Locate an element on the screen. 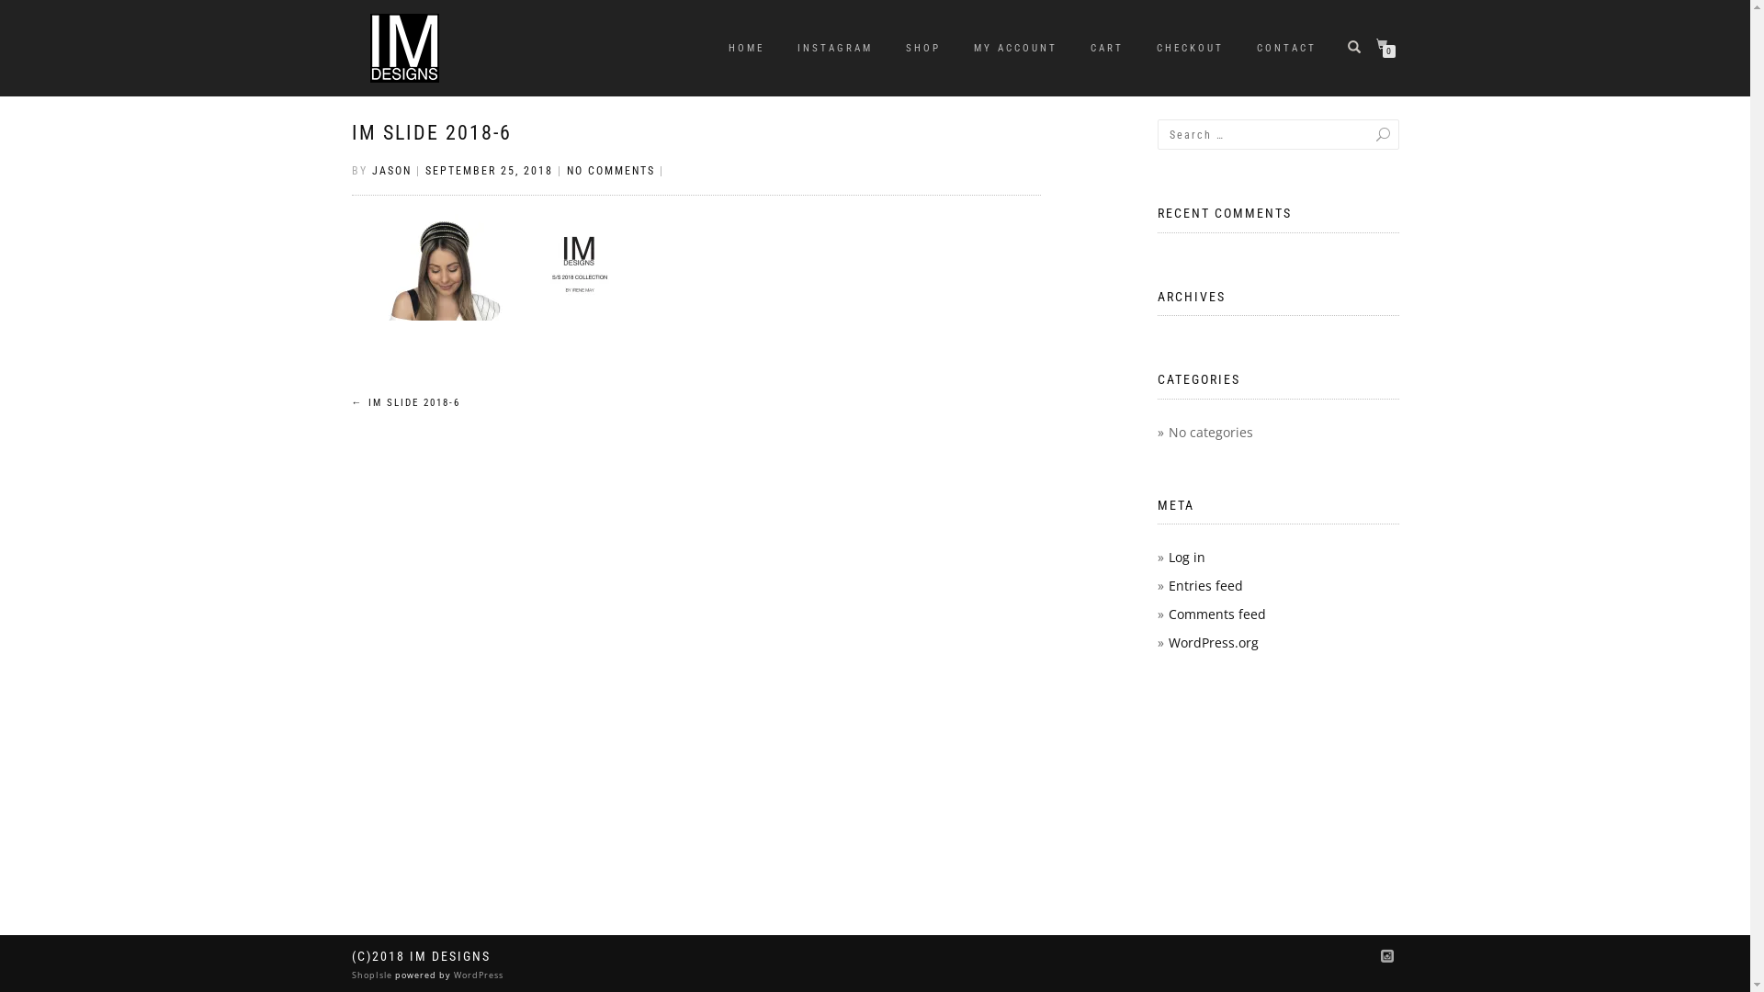 Image resolution: width=1764 pixels, height=992 pixels. 'Entries feed' is located at coordinates (1205, 585).